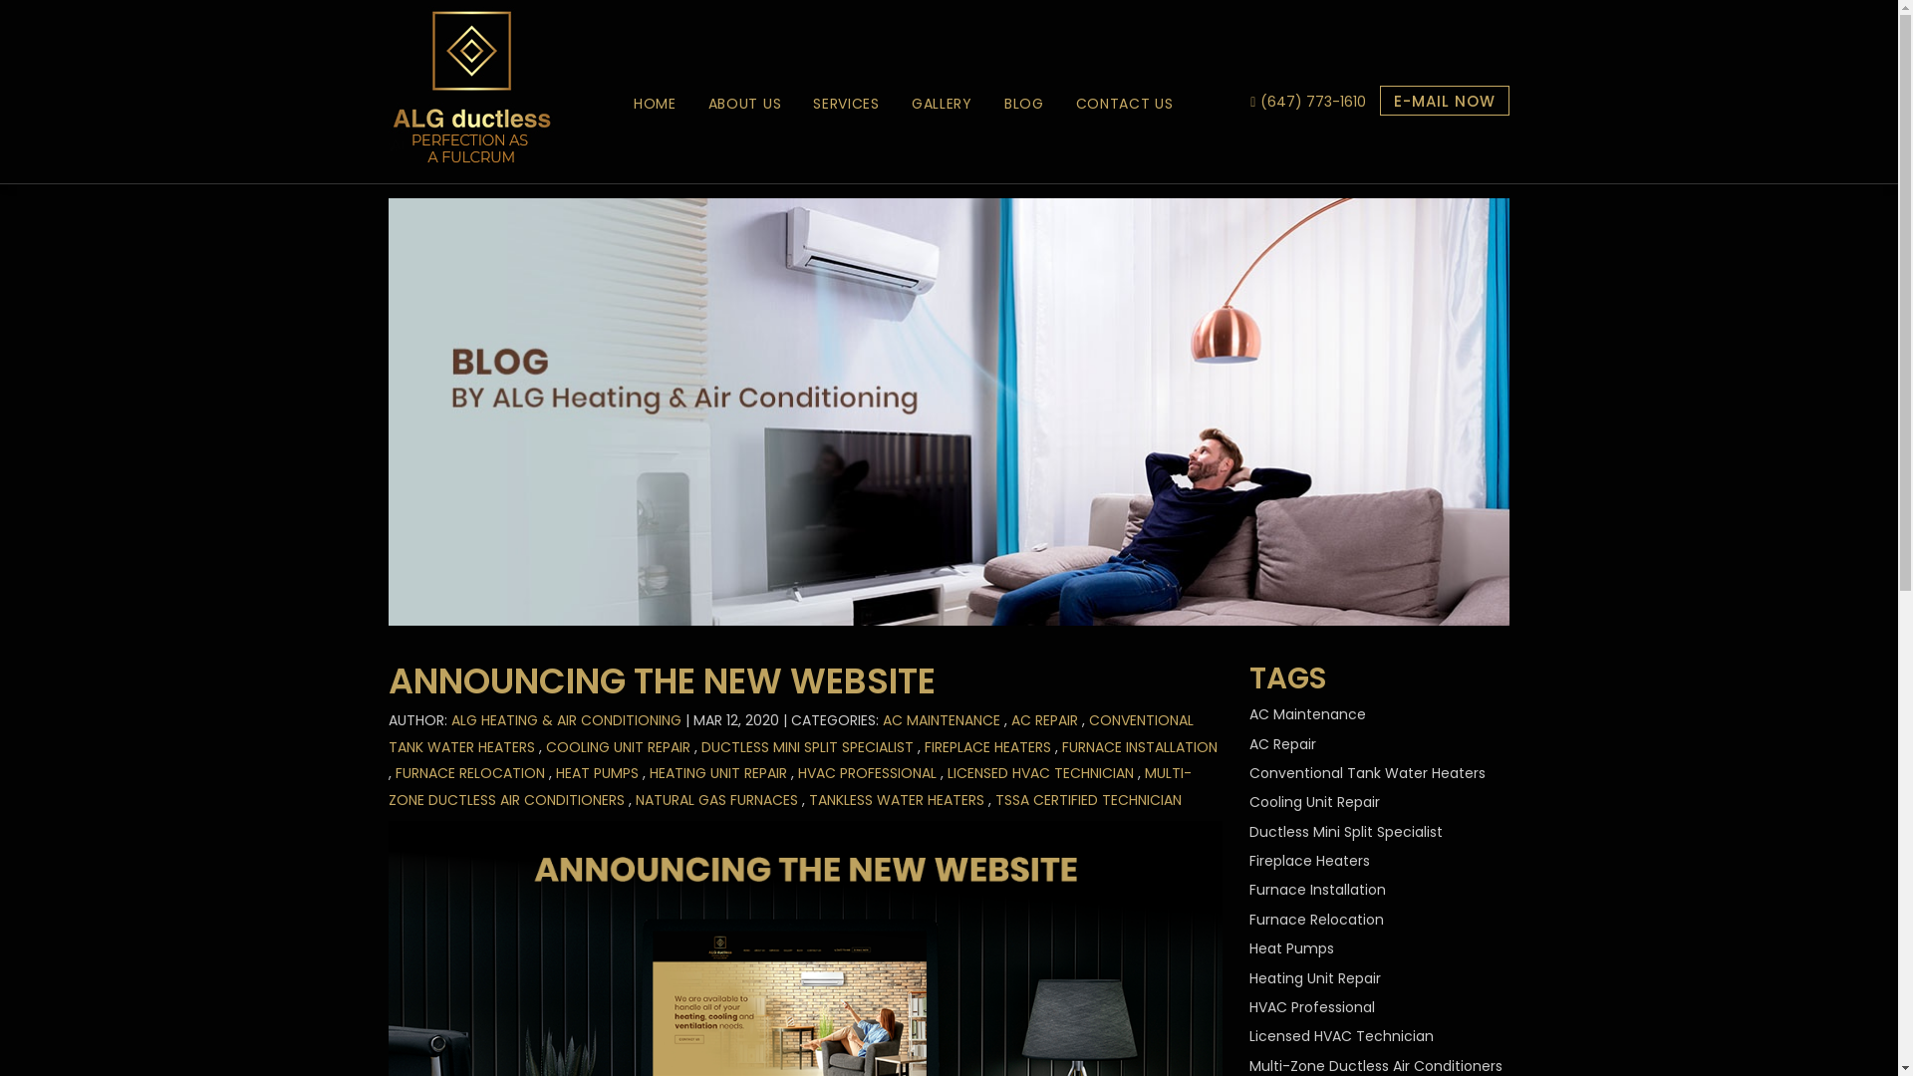 The image size is (1913, 1076). Describe the element at coordinates (1341, 1035) in the screenshot. I see `'Licensed HVAC Technician'` at that location.